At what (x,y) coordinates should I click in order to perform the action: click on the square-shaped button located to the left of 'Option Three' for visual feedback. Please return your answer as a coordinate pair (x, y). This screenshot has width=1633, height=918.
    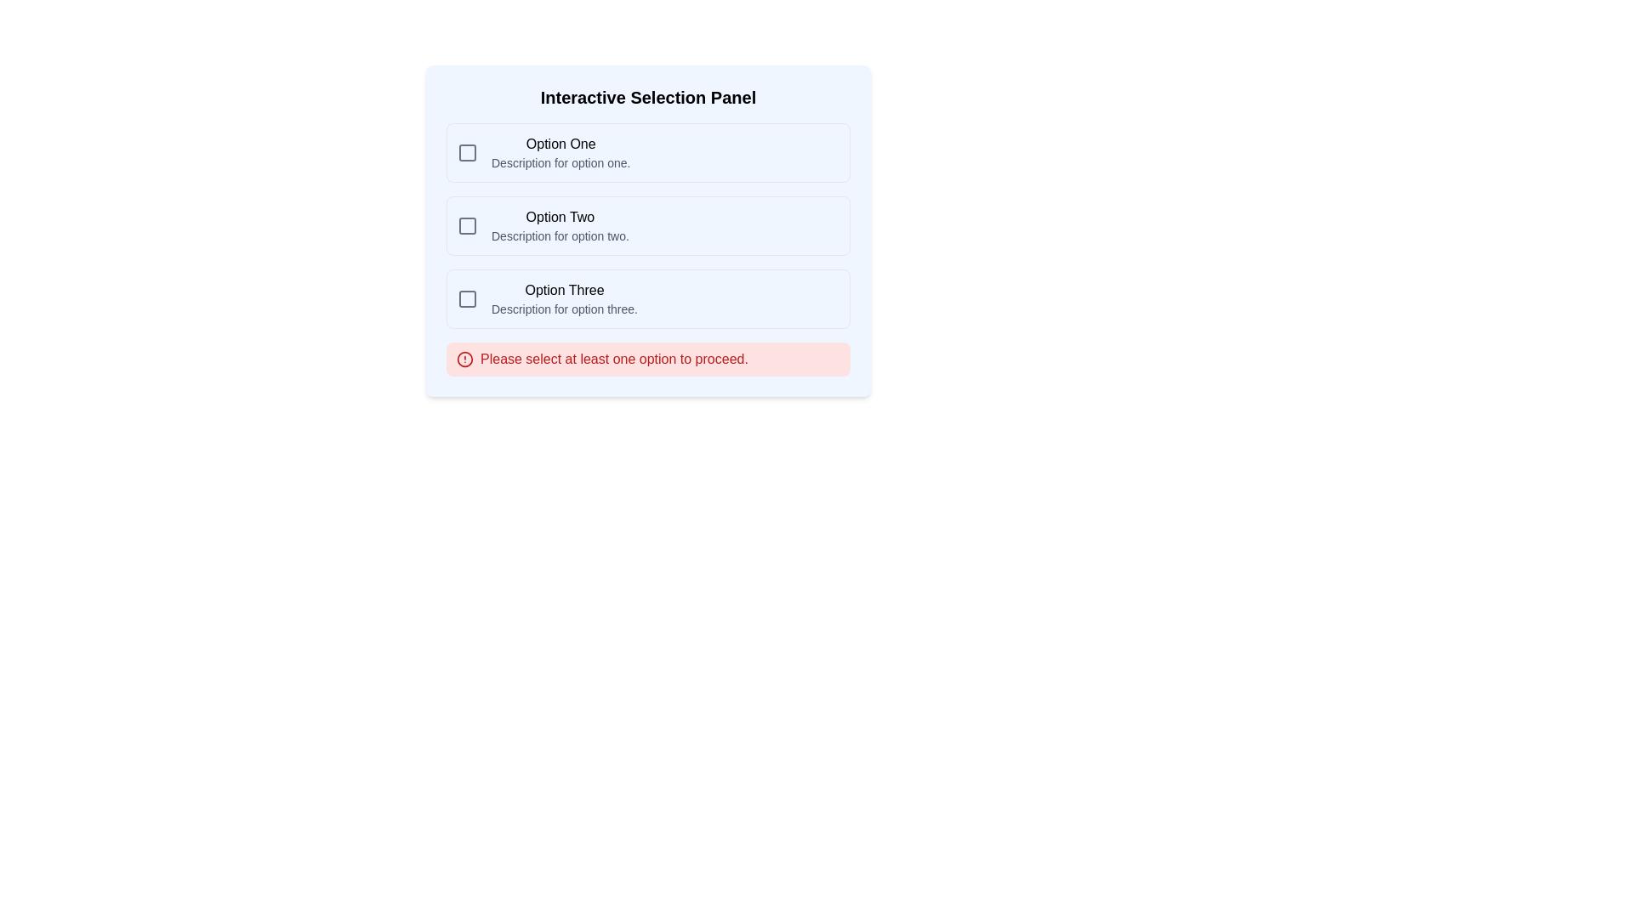
    Looking at the image, I should click on (468, 297).